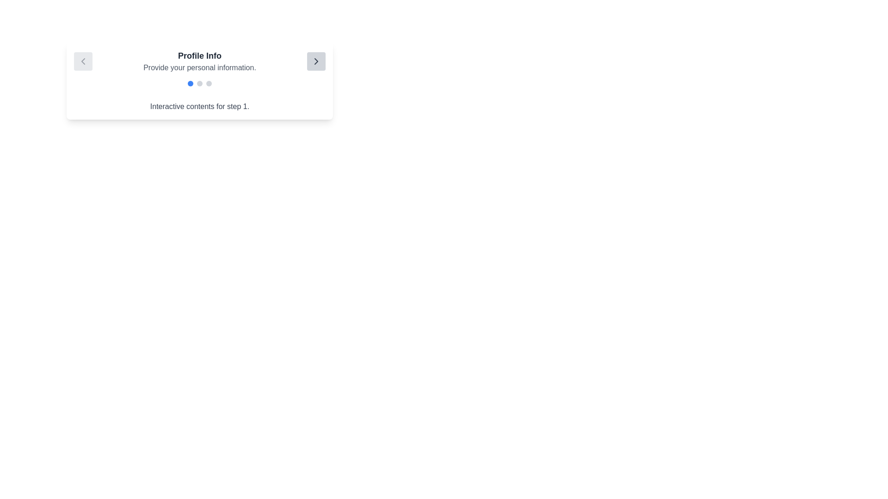 Image resolution: width=888 pixels, height=499 pixels. I want to click on the navigation button located in the upper-right portion of the 'Profile Info' section to change its appearance, so click(316, 61).